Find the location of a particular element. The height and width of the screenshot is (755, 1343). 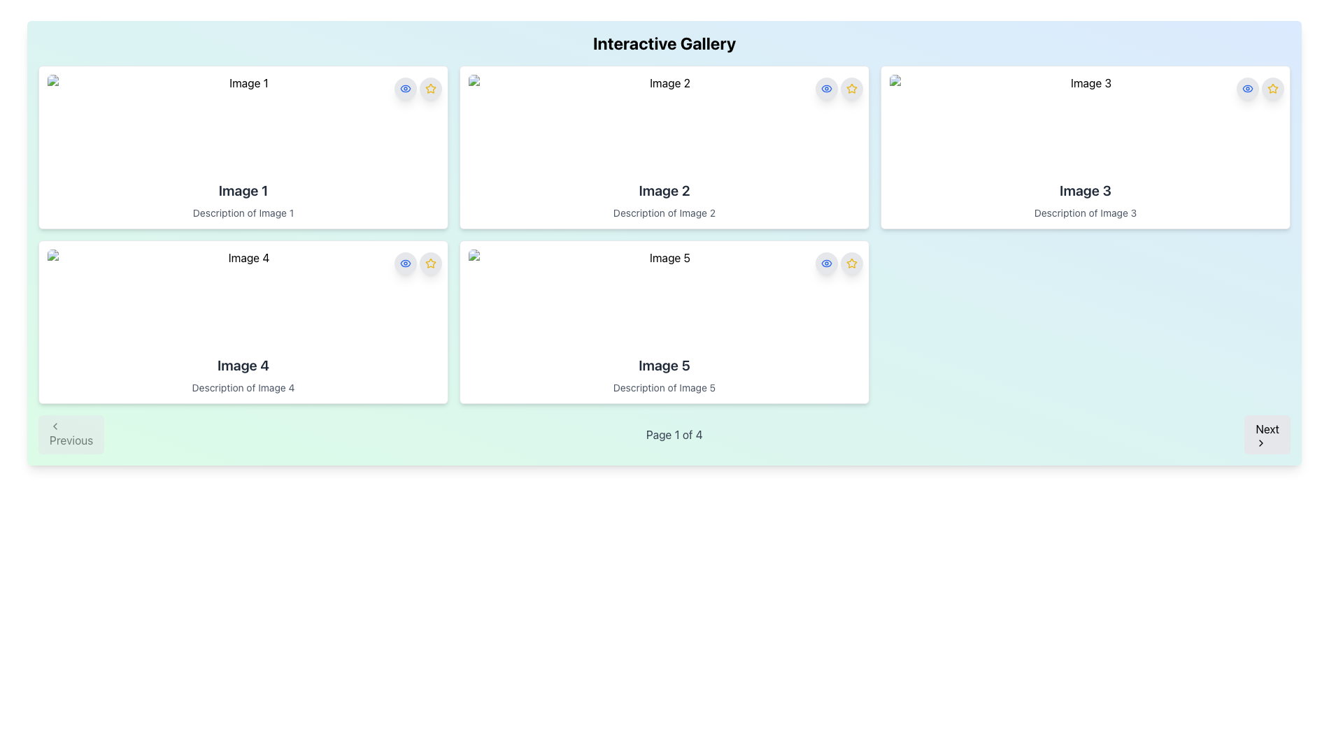

the text label located below the title 'Image 2' in the second card of the grid layout is located at coordinates (664, 213).